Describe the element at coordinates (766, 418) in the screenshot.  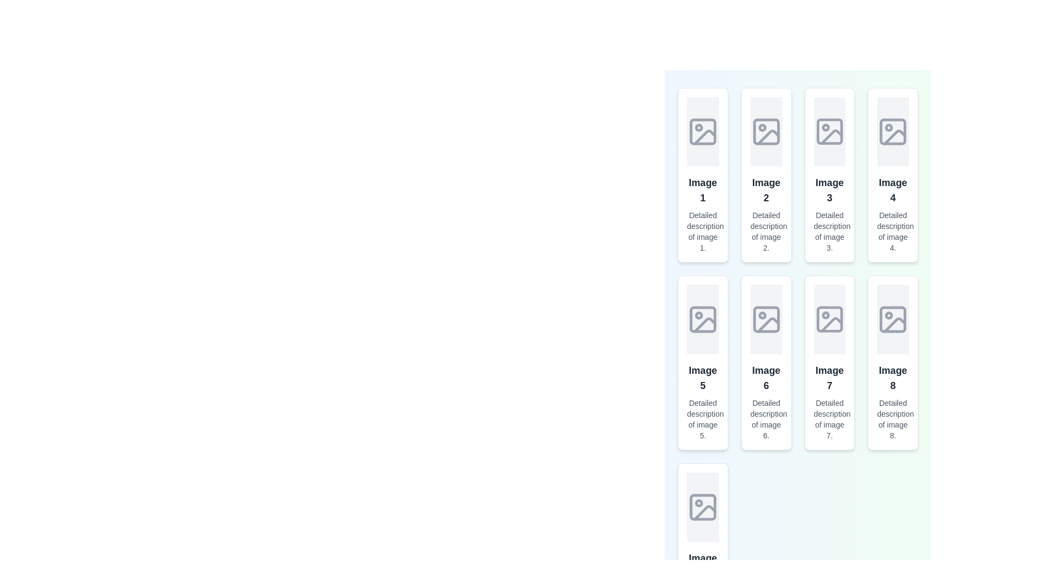
I see `text content of the descriptive label located in the second row, third column of the grid, positioned below the 'Image 6' title` at that location.